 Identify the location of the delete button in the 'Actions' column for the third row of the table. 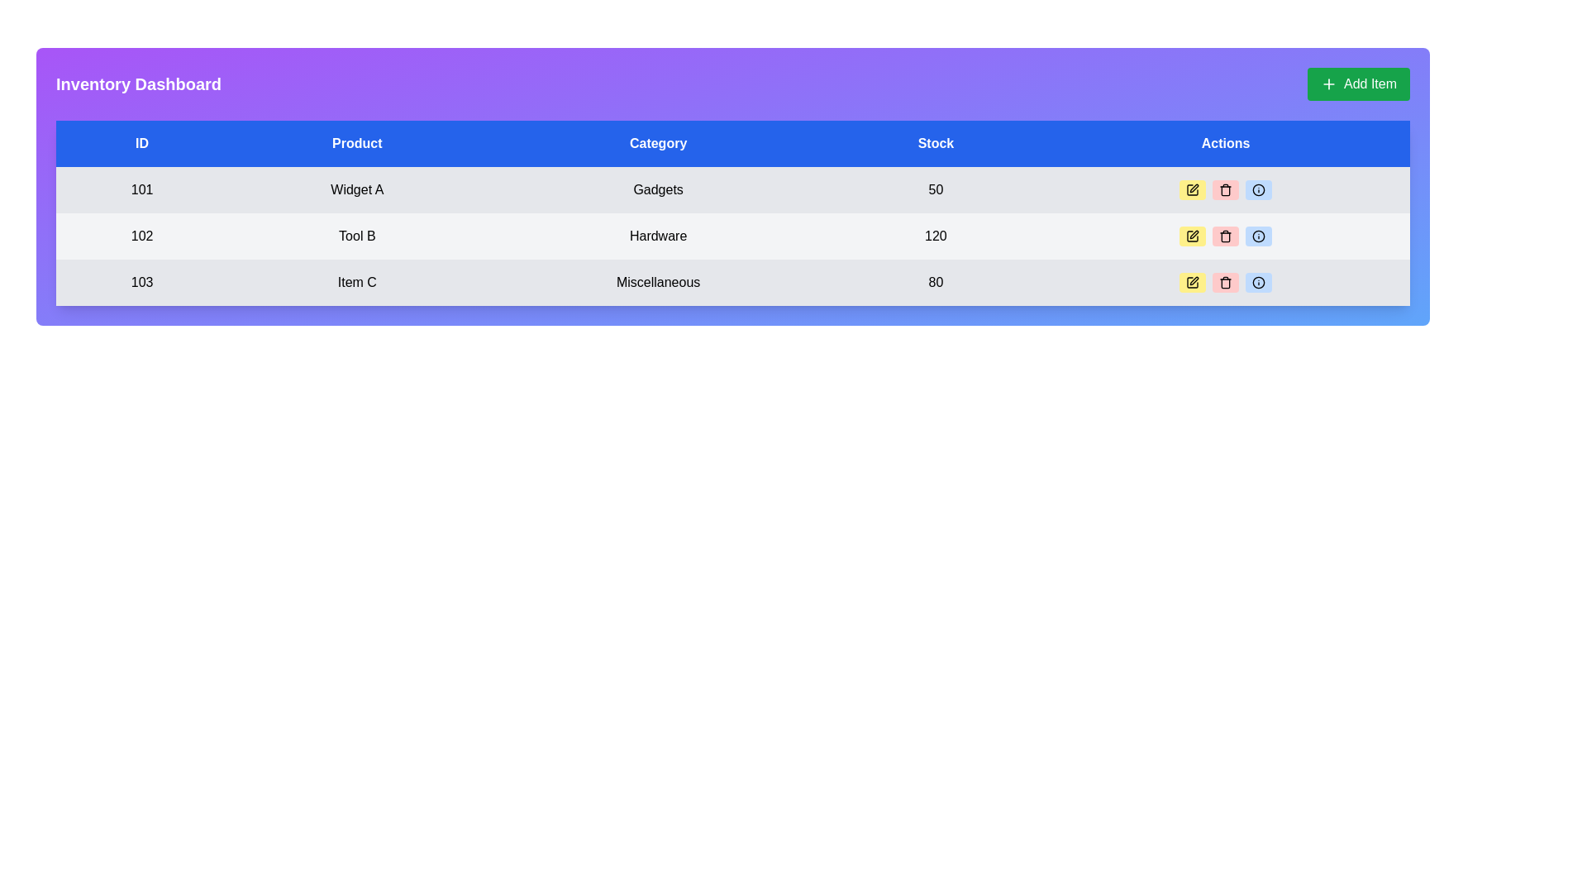
(1226, 282).